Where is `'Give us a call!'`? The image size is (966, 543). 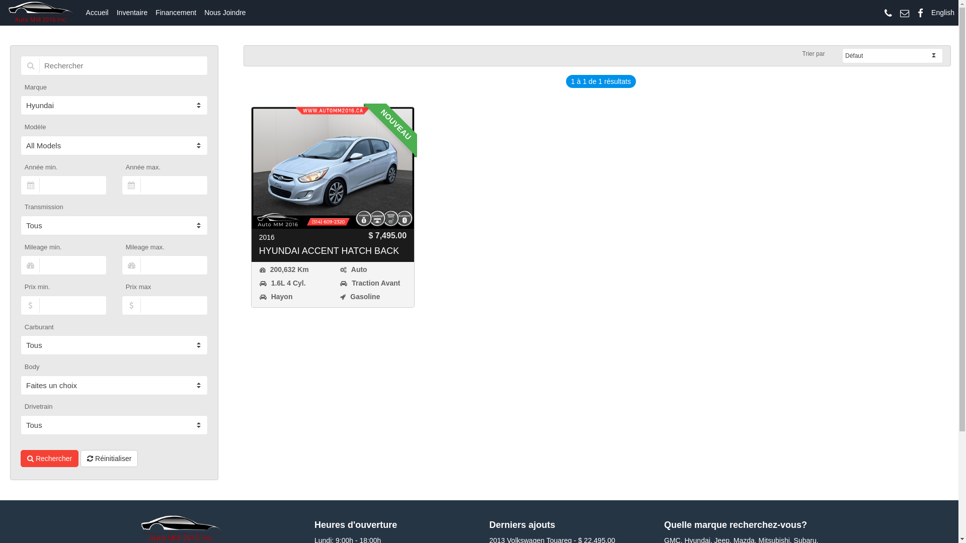 'Give us a call!' is located at coordinates (888, 14).